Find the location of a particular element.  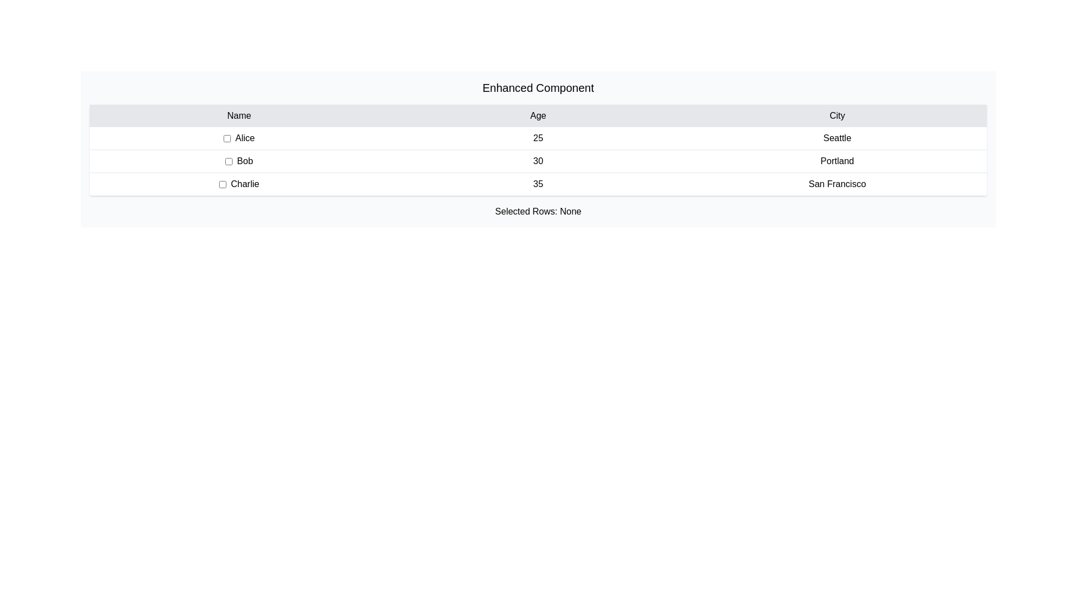

the checkbox located to the left of the text 'Bob' is located at coordinates (238, 161).